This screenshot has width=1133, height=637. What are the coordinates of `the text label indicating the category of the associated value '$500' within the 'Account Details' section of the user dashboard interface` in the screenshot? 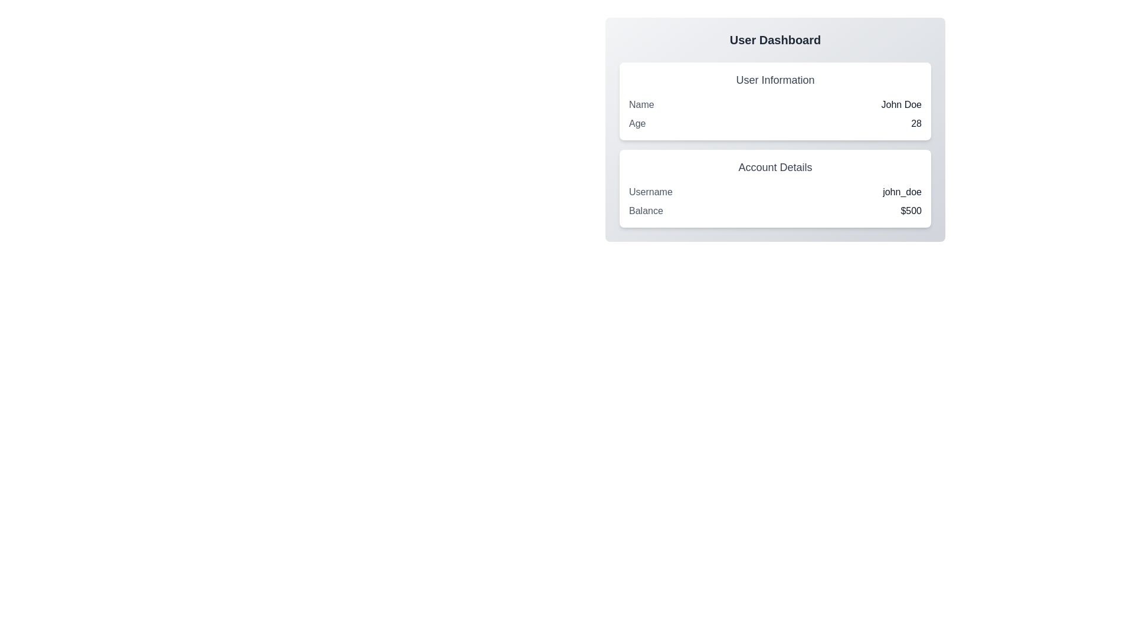 It's located at (645, 211).